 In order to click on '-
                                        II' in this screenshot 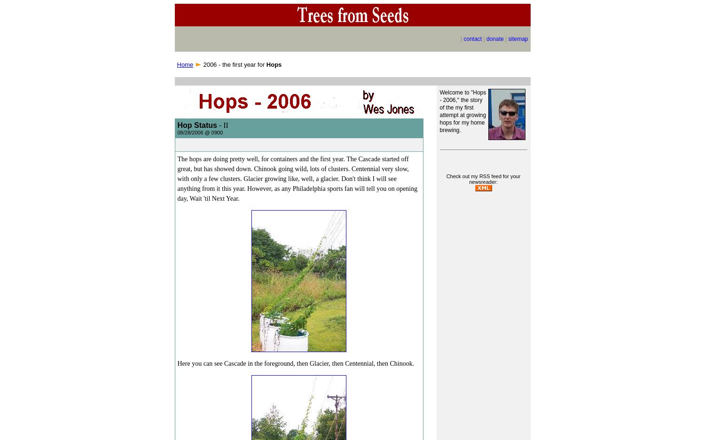, I will do `click(221, 125)`.